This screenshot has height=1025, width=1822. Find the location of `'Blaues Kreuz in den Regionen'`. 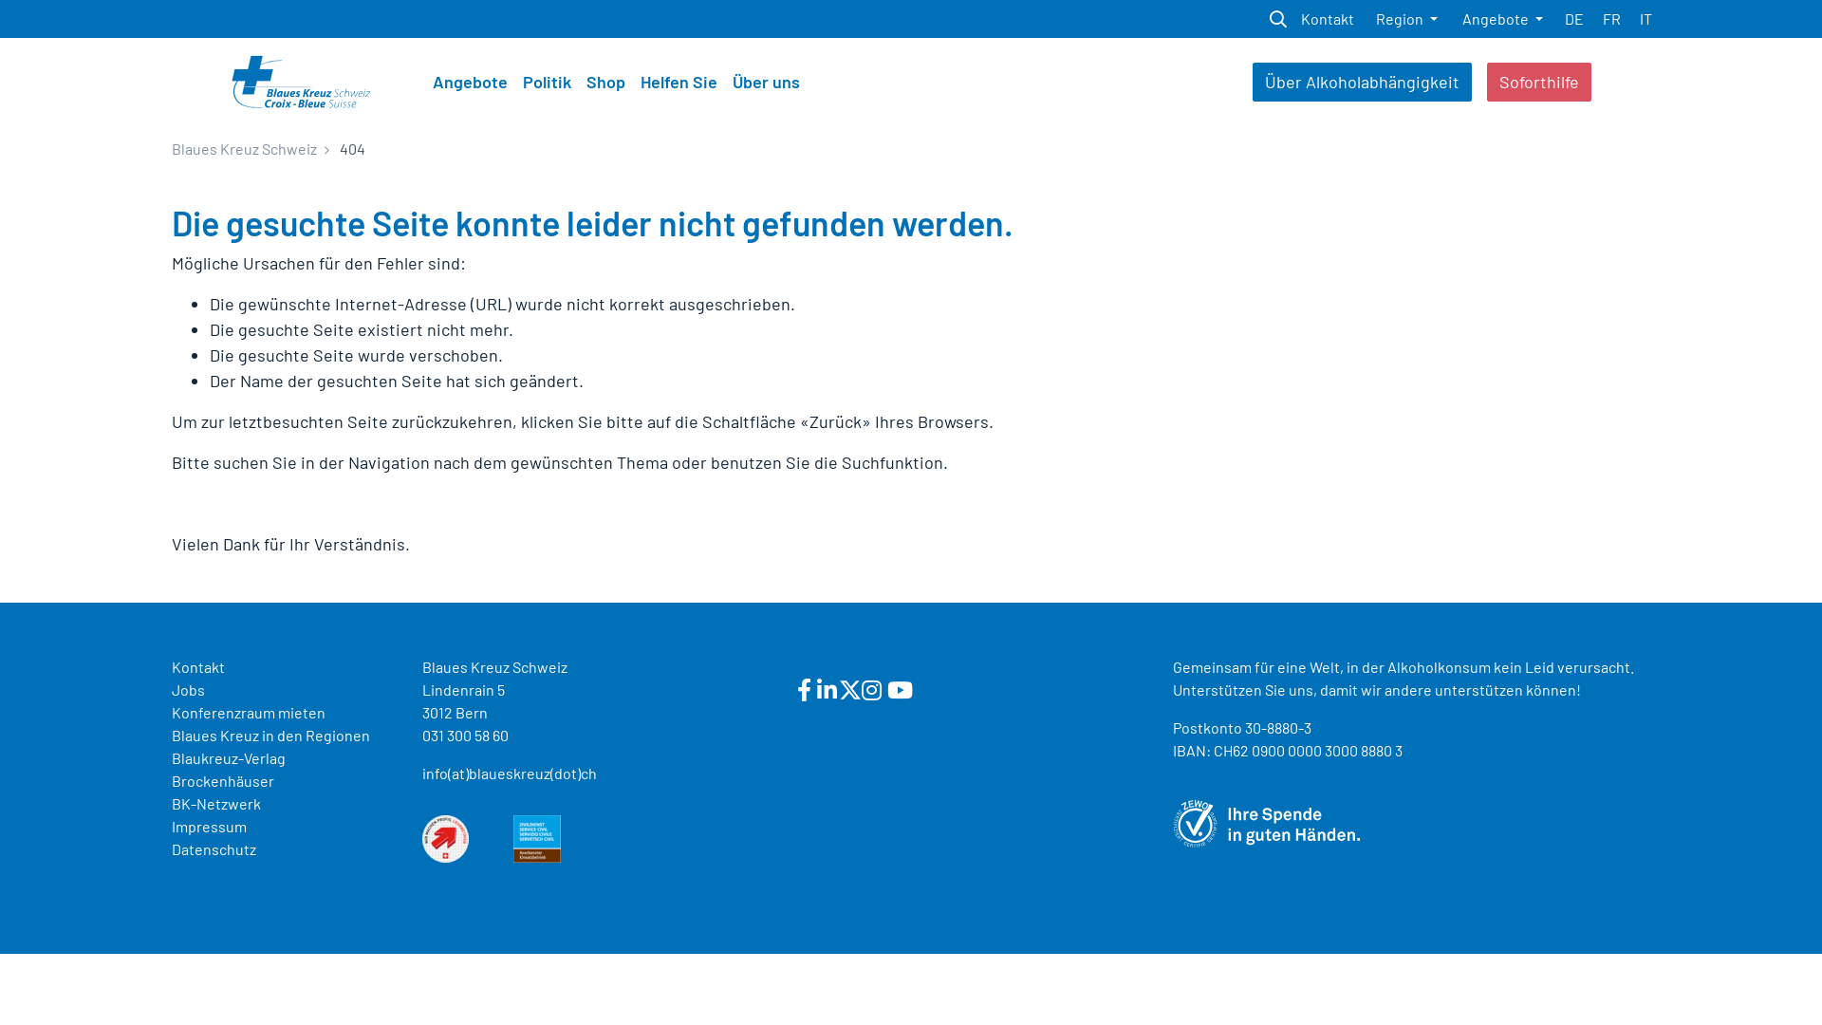

'Blaues Kreuz in den Regionen' is located at coordinates (270, 734).